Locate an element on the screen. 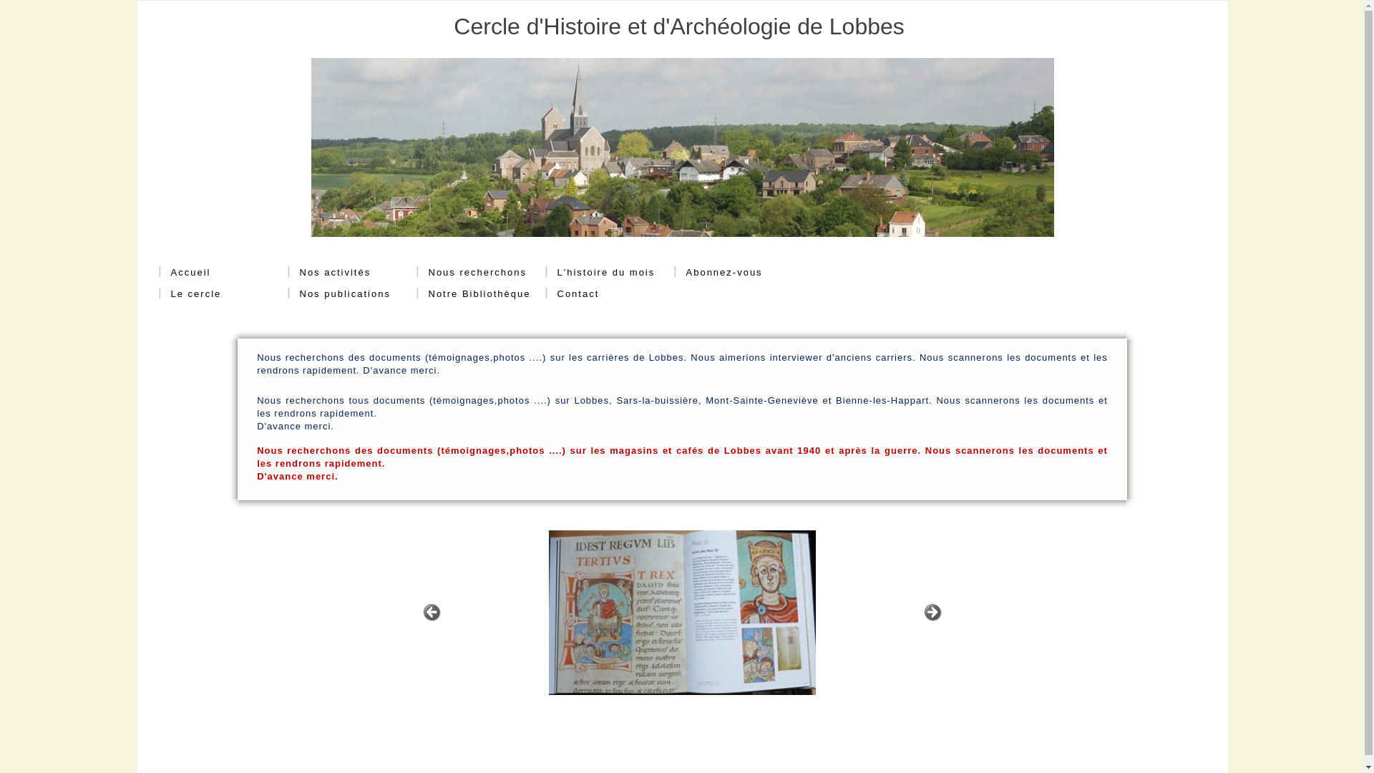  'Nous recherchons' is located at coordinates (472, 273).